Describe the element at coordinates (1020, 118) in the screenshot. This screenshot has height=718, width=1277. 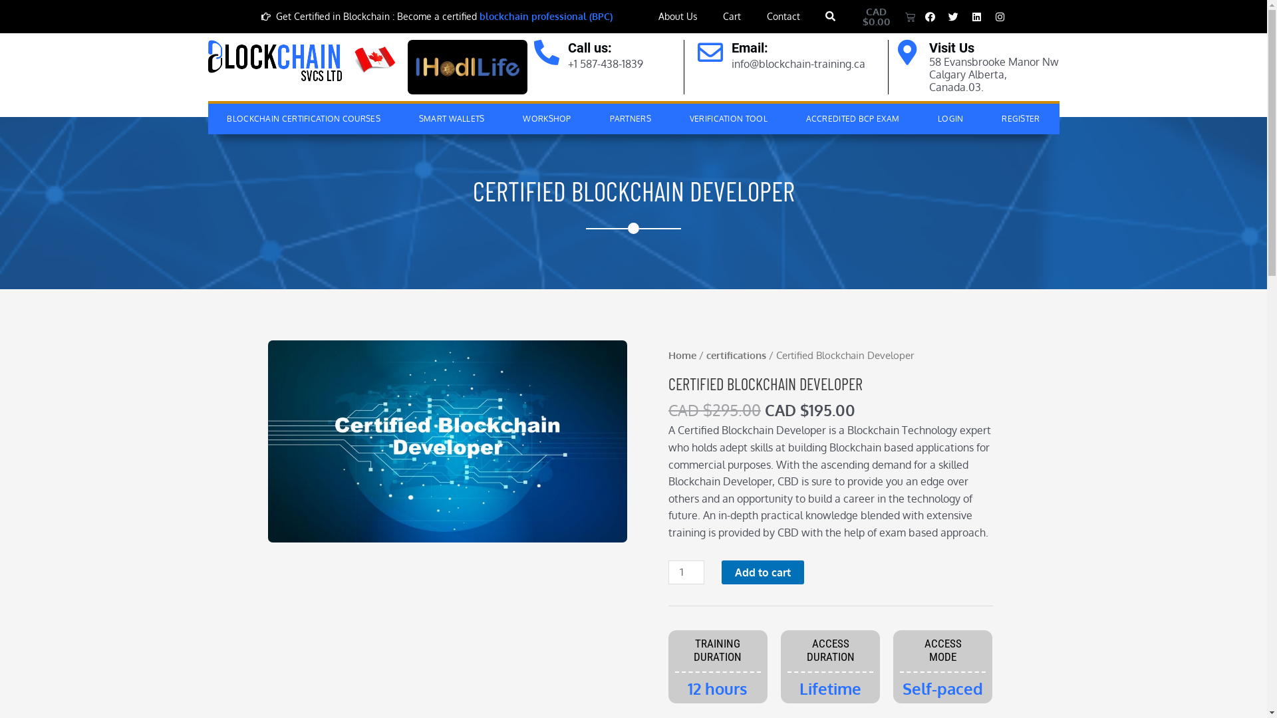
I see `'REGISTER'` at that location.